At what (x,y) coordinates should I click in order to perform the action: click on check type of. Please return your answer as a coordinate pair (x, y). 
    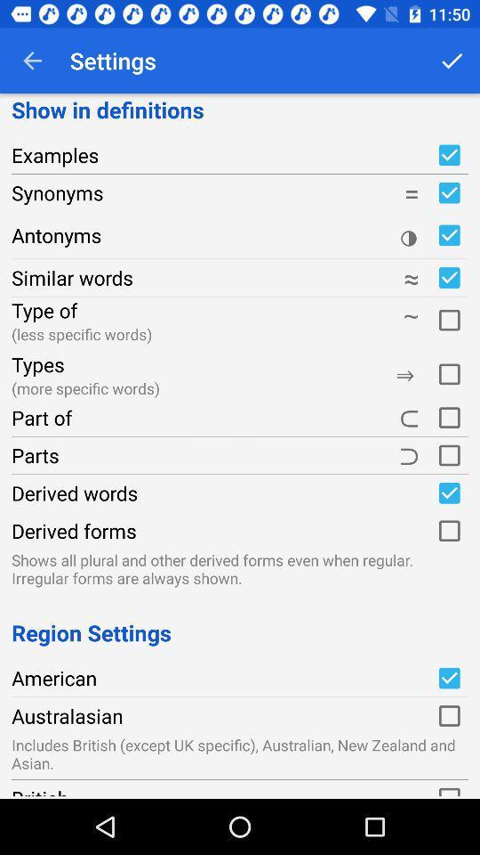
    Looking at the image, I should click on (448, 318).